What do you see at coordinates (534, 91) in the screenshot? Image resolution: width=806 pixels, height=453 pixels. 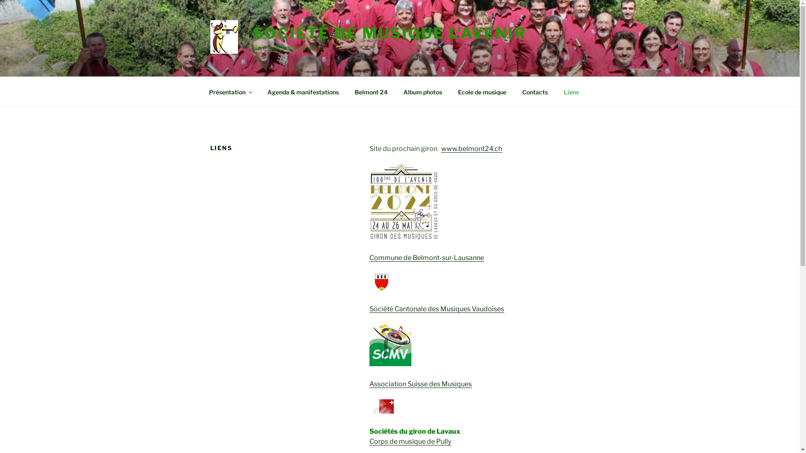 I see `'Contacts'` at bounding box center [534, 91].